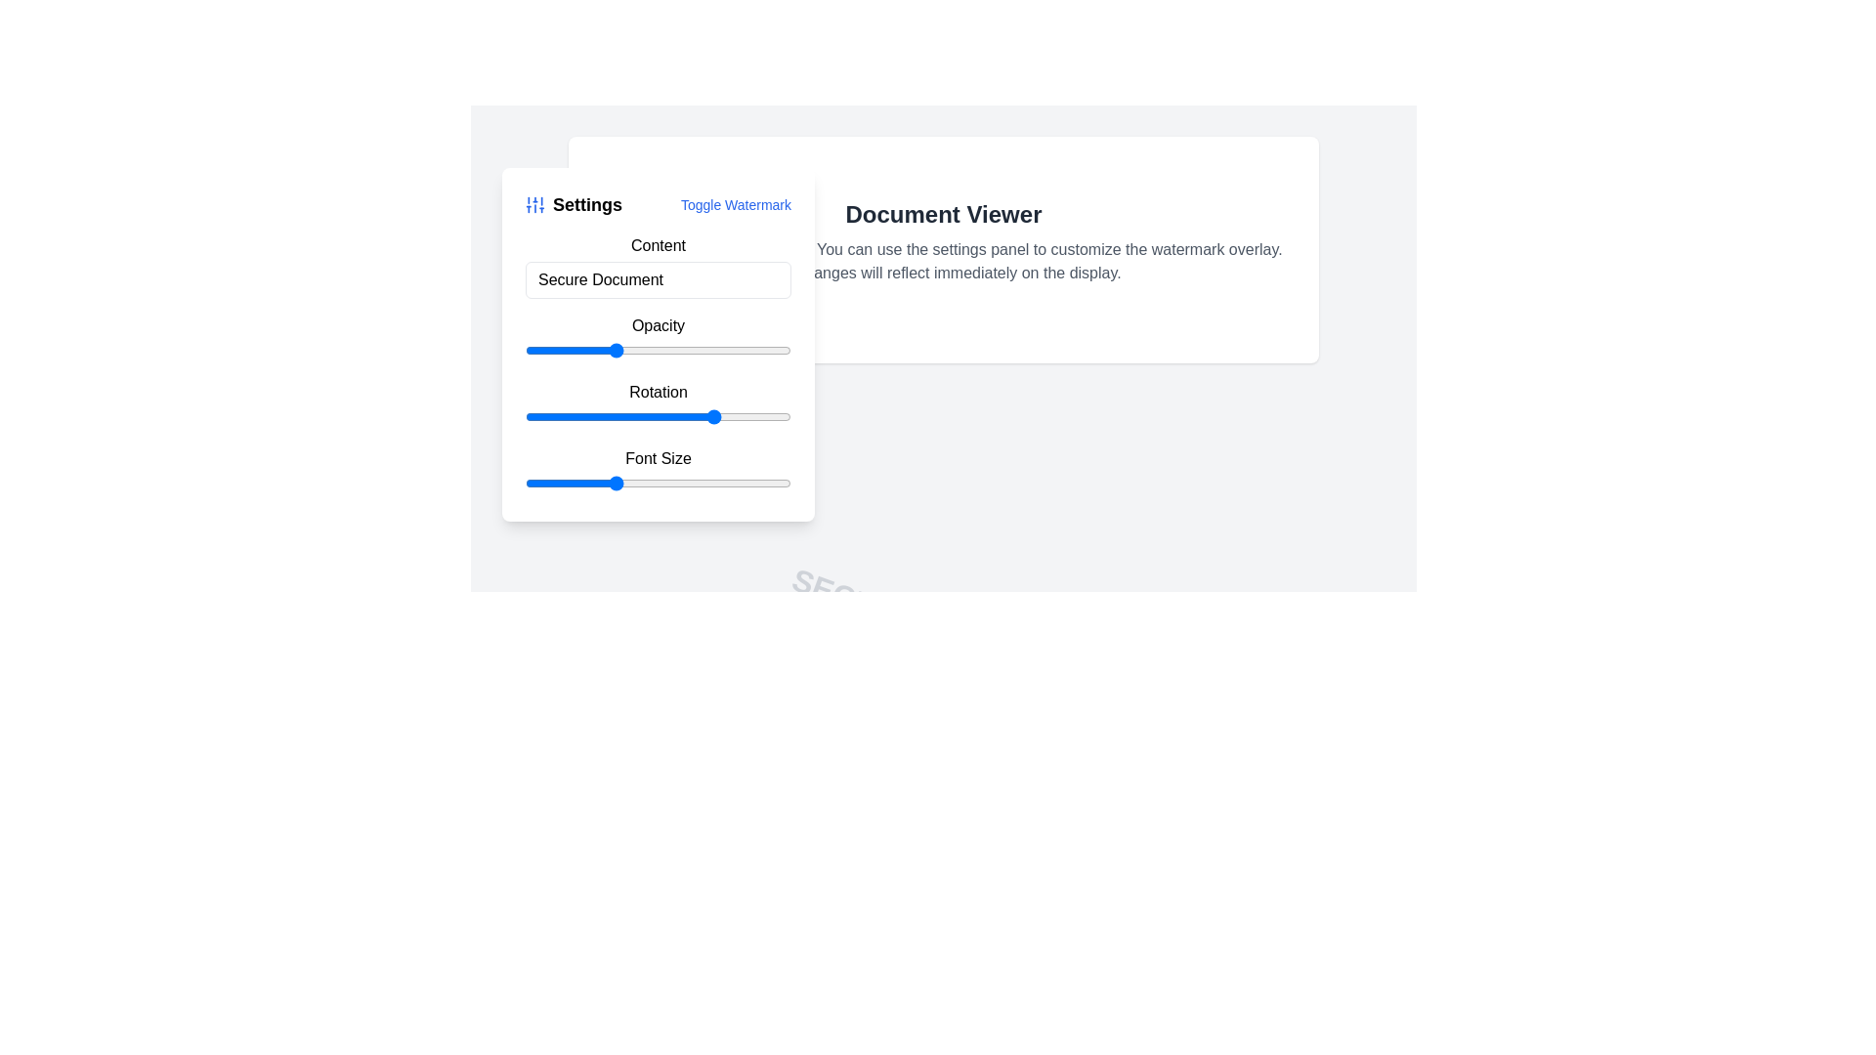 The height and width of the screenshot is (1055, 1876). I want to click on the rotation value, so click(783, 416).